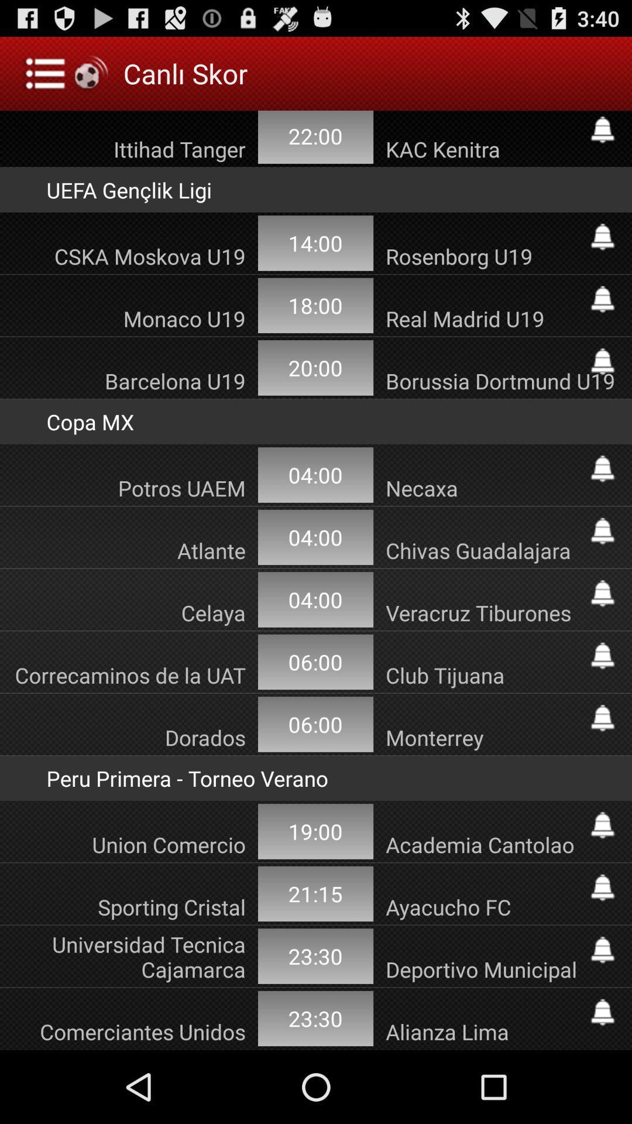  I want to click on follow the match, so click(602, 950).